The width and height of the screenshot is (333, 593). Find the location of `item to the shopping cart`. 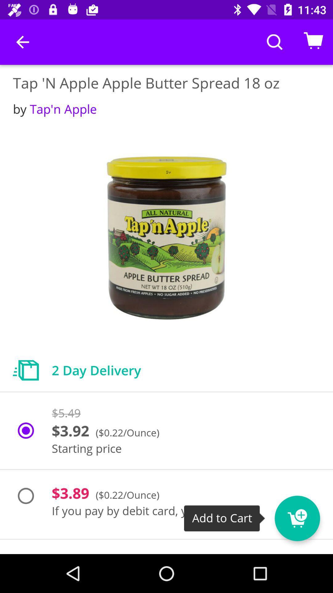

item to the shopping cart is located at coordinates (309, 514).